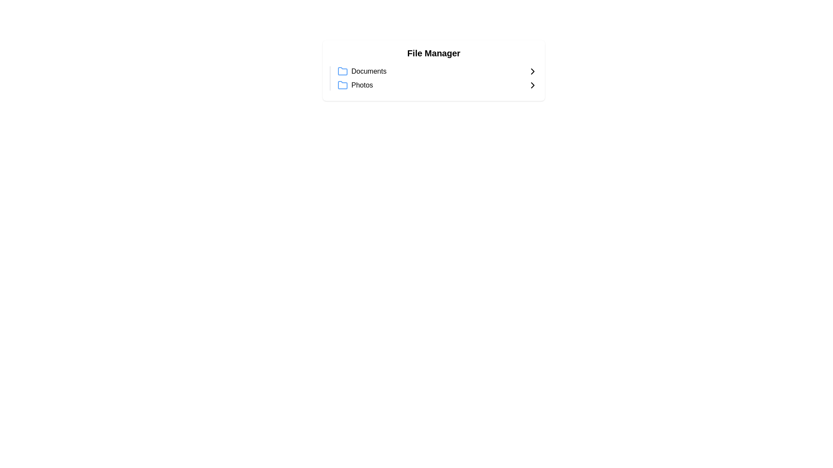 Image resolution: width=833 pixels, height=468 pixels. What do you see at coordinates (342, 71) in the screenshot?
I see `the blue folder icon located to the left of the 'Photos' label` at bounding box center [342, 71].